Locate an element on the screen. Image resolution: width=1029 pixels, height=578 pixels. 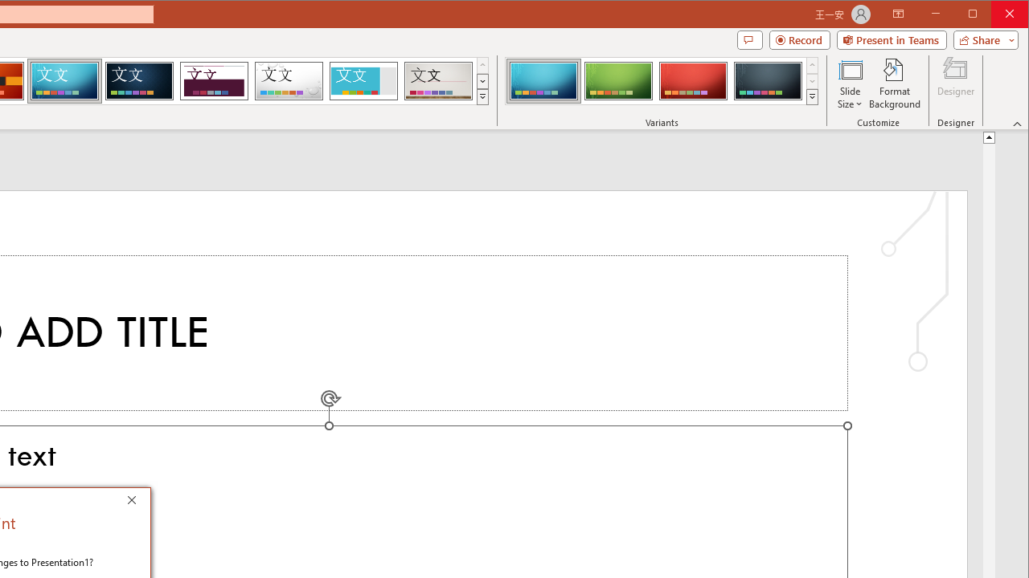
'Circuit Variant 2' is located at coordinates (617, 80).